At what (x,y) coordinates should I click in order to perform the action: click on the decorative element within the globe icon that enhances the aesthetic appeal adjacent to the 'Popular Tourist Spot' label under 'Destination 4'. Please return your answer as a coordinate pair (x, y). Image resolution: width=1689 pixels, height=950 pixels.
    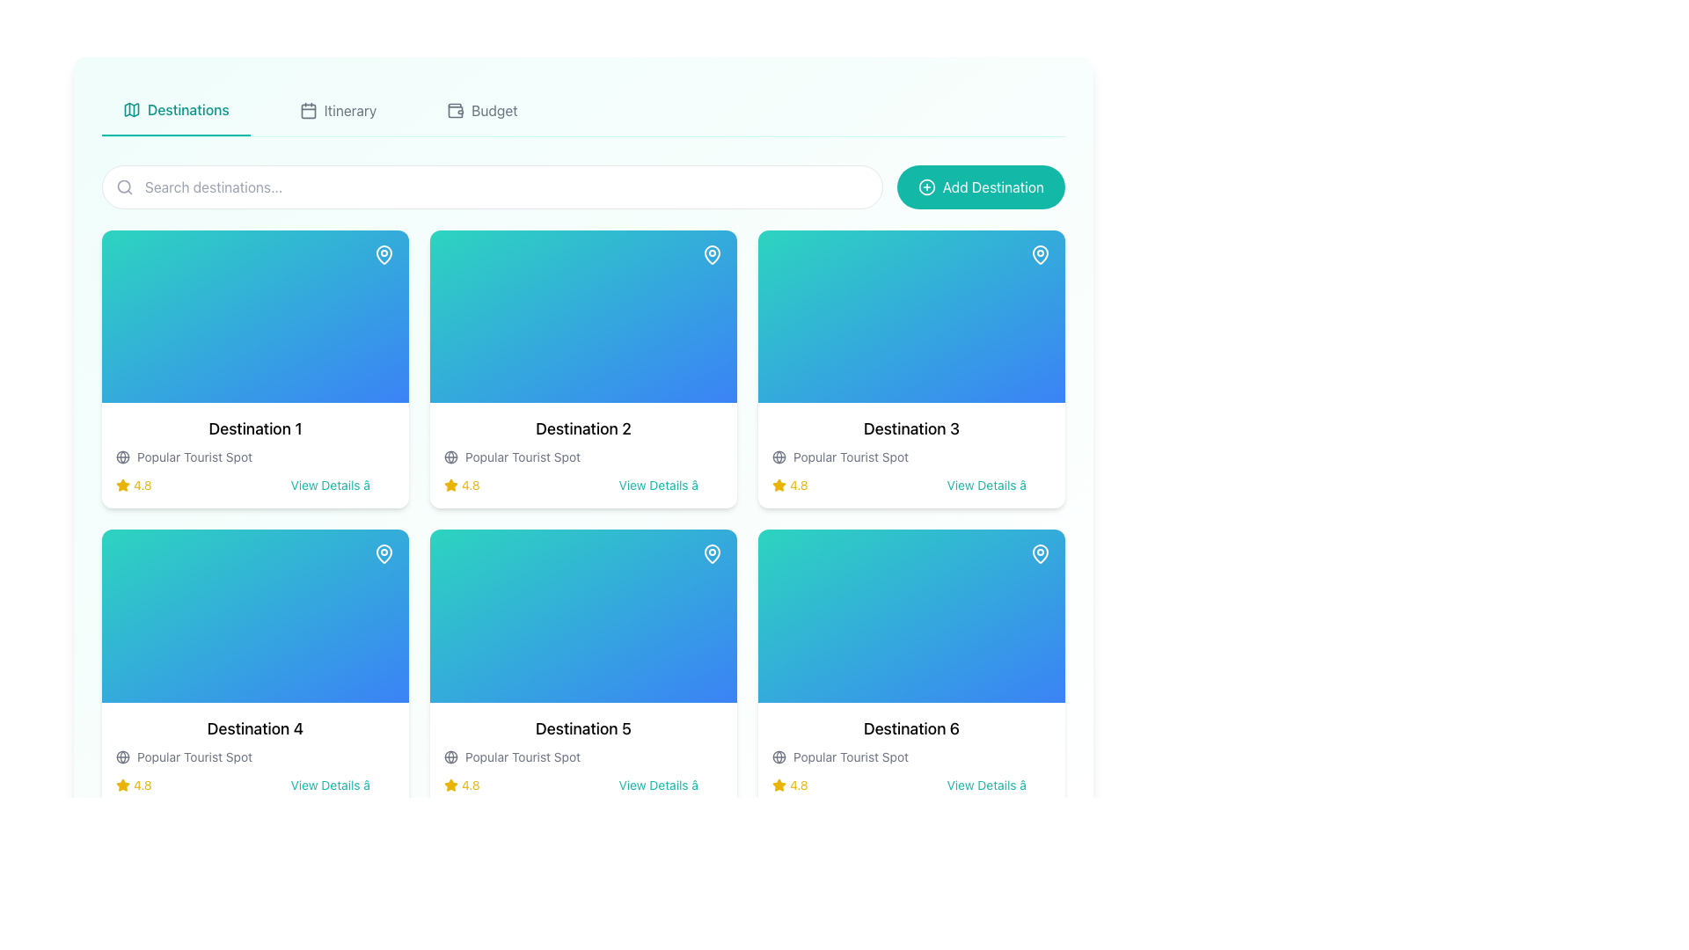
    Looking at the image, I should click on (121, 756).